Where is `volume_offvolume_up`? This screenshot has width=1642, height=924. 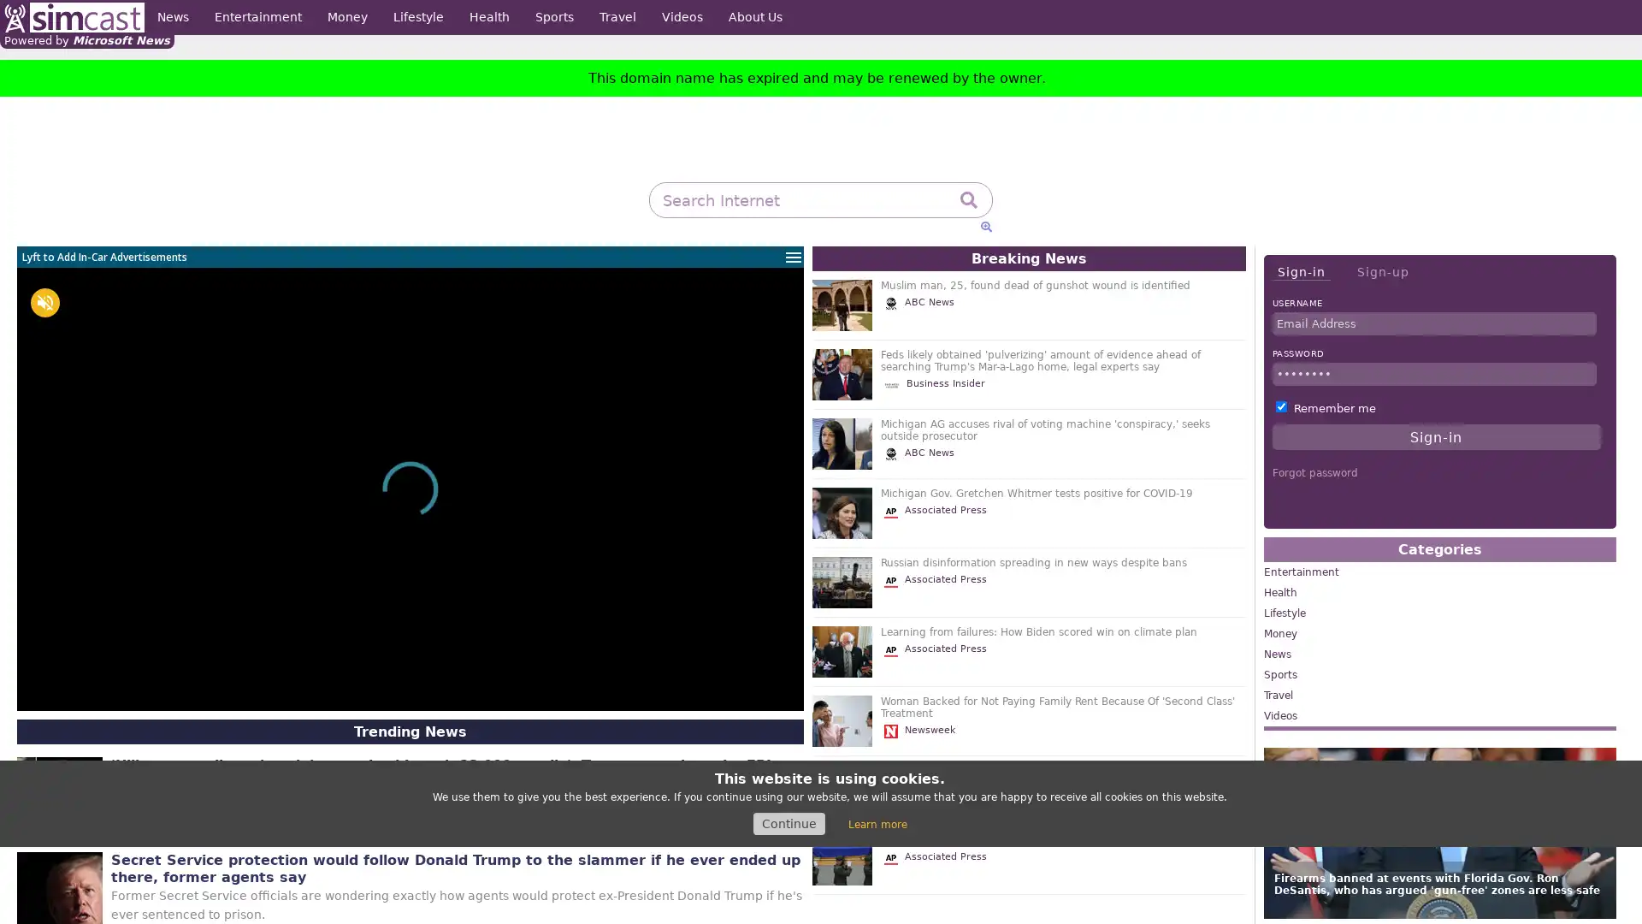 volume_offvolume_up is located at coordinates (44, 302).